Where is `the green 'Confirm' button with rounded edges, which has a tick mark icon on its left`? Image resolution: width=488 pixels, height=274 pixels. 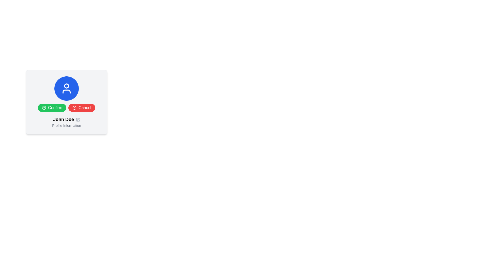
the green 'Confirm' button with rounded edges, which has a tick mark icon on its left is located at coordinates (52, 107).